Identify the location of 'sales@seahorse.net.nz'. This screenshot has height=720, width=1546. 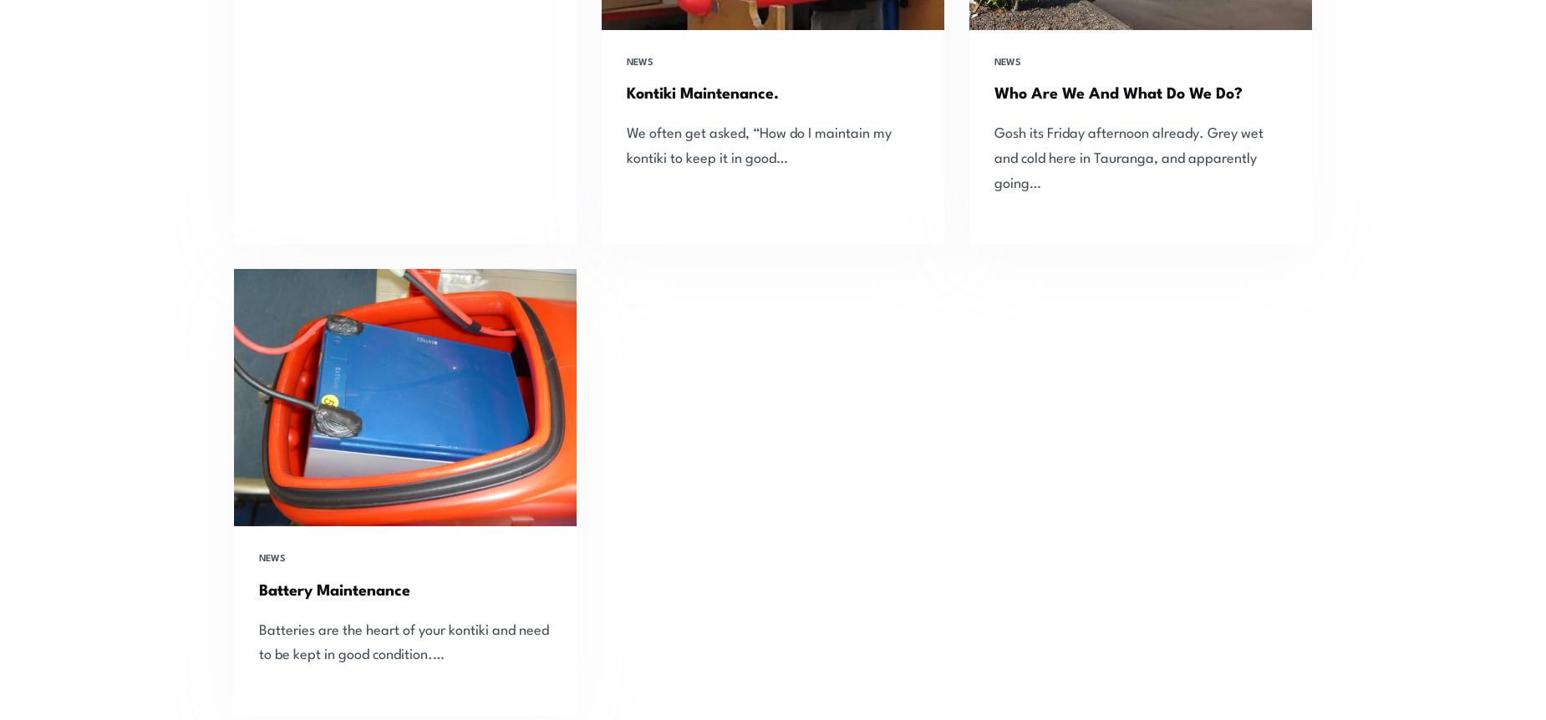
(1234, 707).